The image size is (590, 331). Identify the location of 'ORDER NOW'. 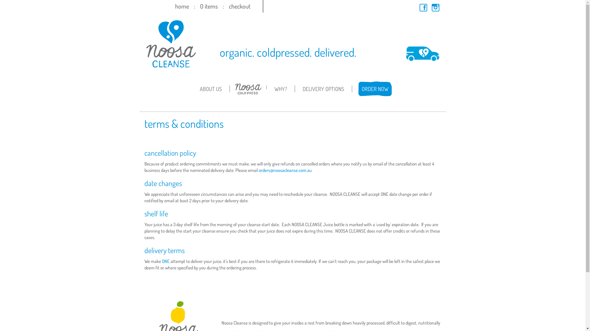
(374, 89).